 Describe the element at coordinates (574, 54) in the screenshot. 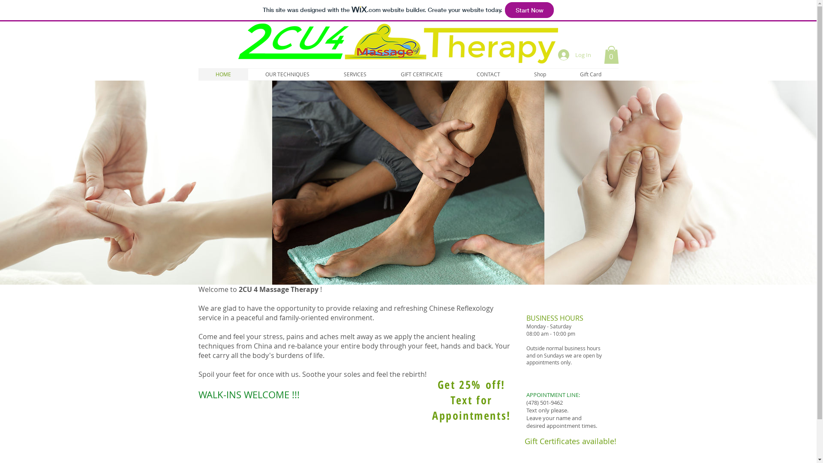

I see `'Log In'` at that location.